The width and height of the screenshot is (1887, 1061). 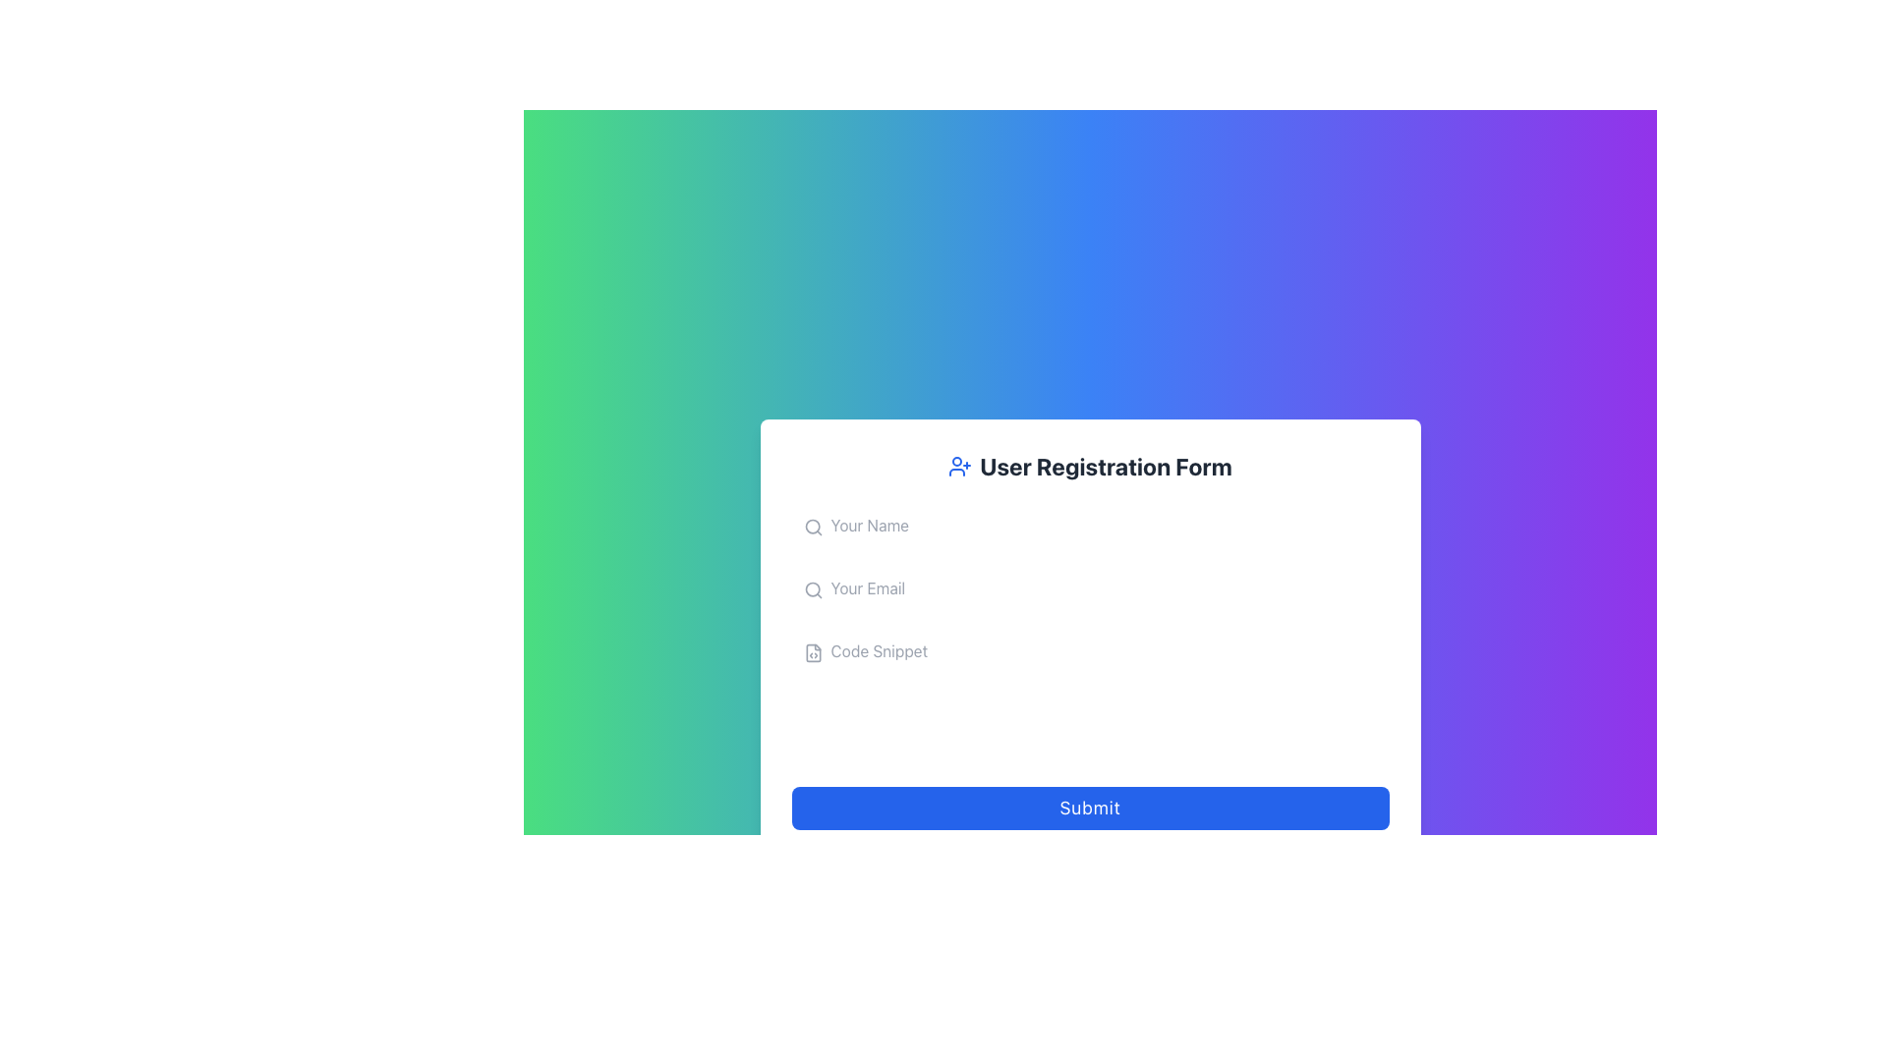 What do you see at coordinates (813, 589) in the screenshot?
I see `the decorative search icon located to the left of the 'Your Email' input field, positioned slightly above its center` at bounding box center [813, 589].